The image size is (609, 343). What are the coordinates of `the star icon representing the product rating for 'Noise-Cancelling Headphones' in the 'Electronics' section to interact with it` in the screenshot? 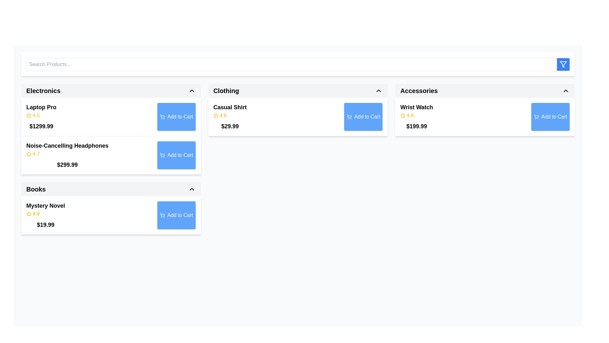 It's located at (29, 154).